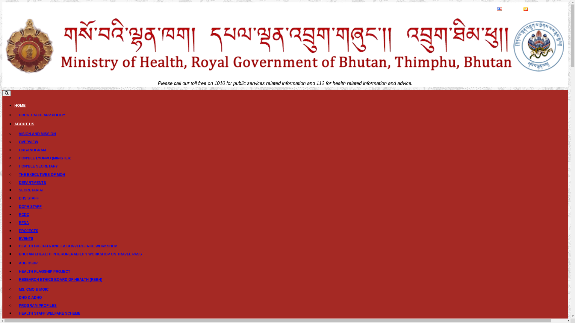 The image size is (575, 323). Describe the element at coordinates (42, 115) in the screenshot. I see `'DRUK TRACE APP POLICY'` at that location.